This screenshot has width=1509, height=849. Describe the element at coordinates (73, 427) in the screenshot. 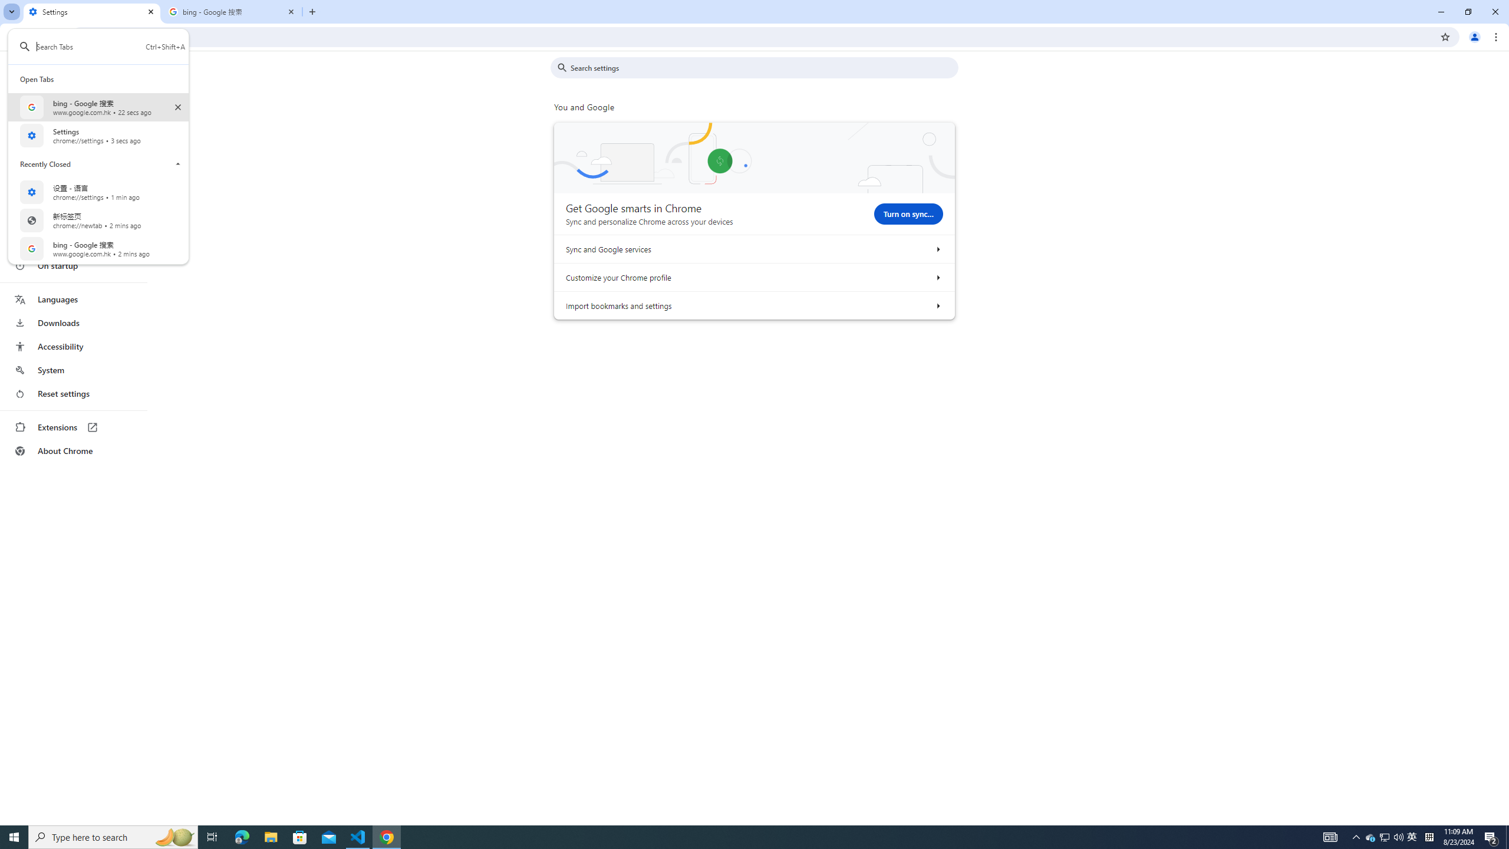

I see `'Extensions'` at that location.